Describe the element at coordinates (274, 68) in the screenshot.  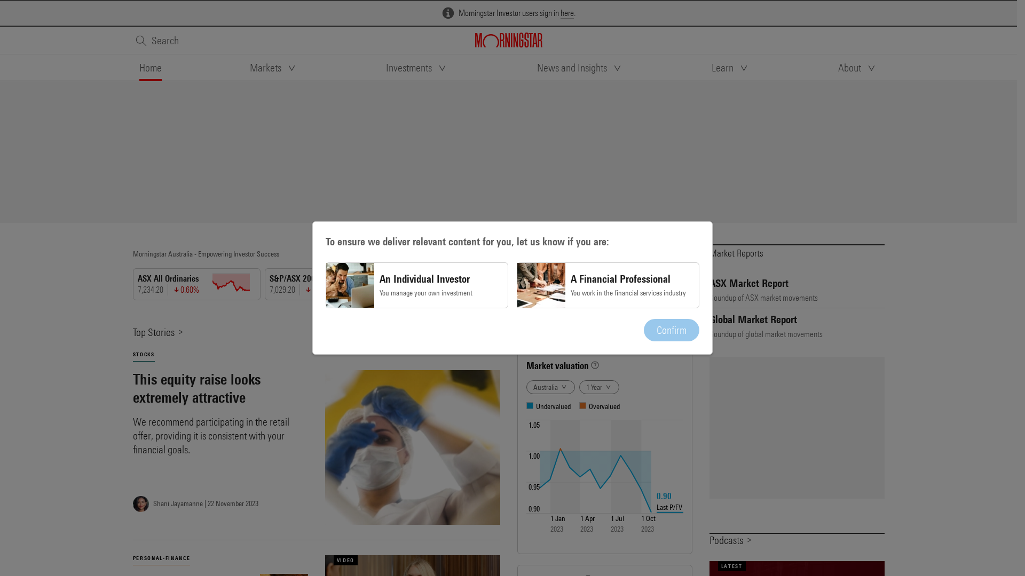
I see `'Markets'` at that location.